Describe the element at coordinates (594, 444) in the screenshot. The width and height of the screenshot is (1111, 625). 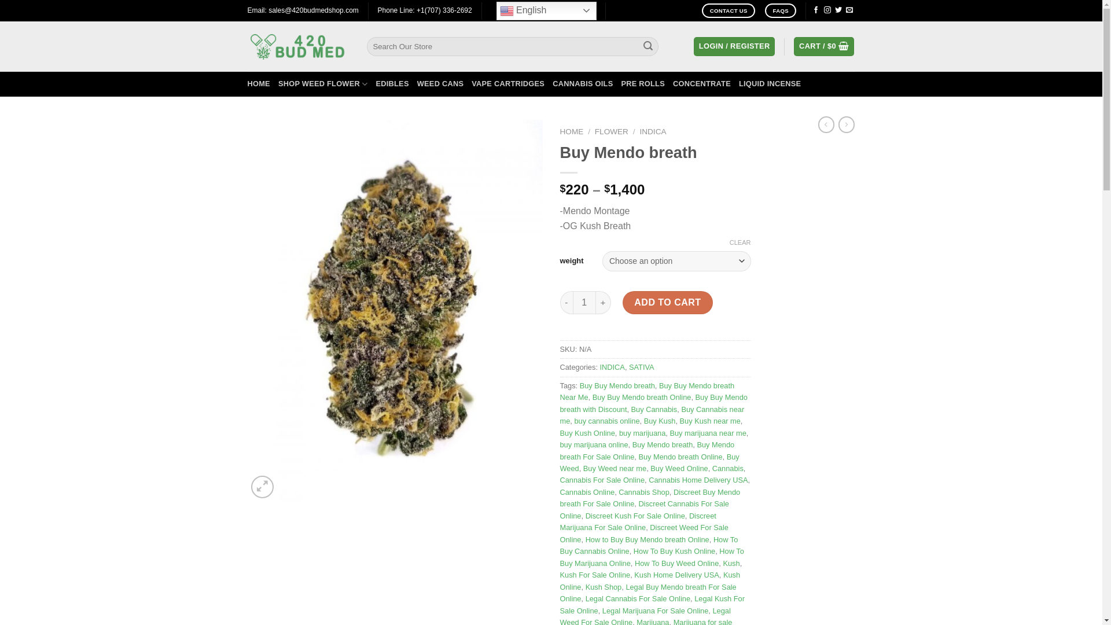
I see `'buy marijuana online'` at that location.